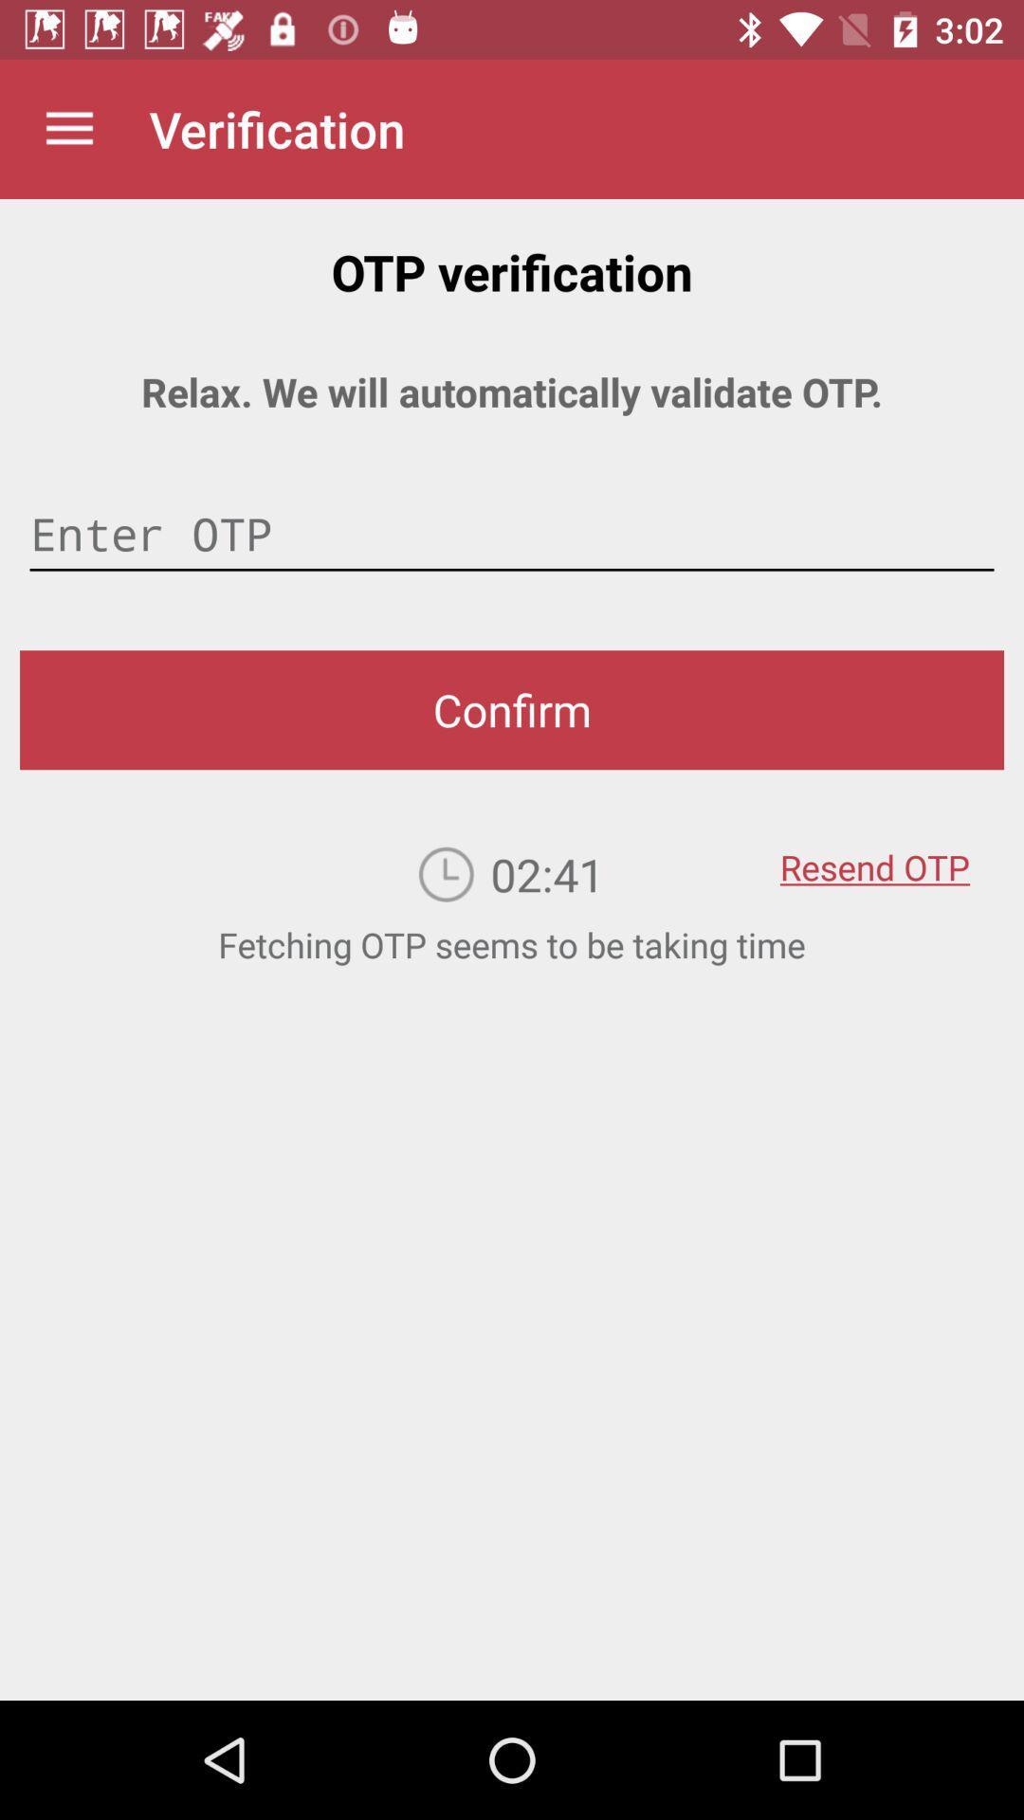 This screenshot has width=1024, height=1820. I want to click on item on the right, so click(874, 853).